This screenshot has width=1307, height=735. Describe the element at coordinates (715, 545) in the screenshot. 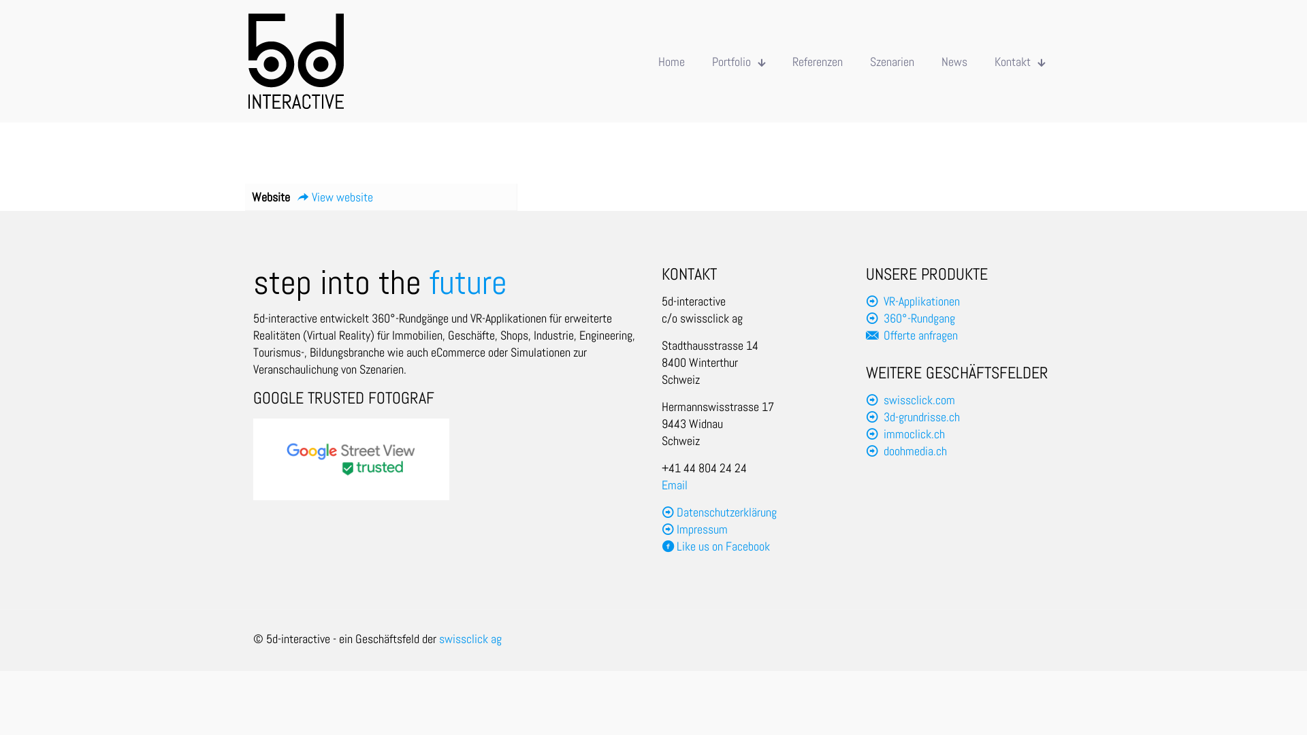

I see `'Like us on Facebook'` at that location.